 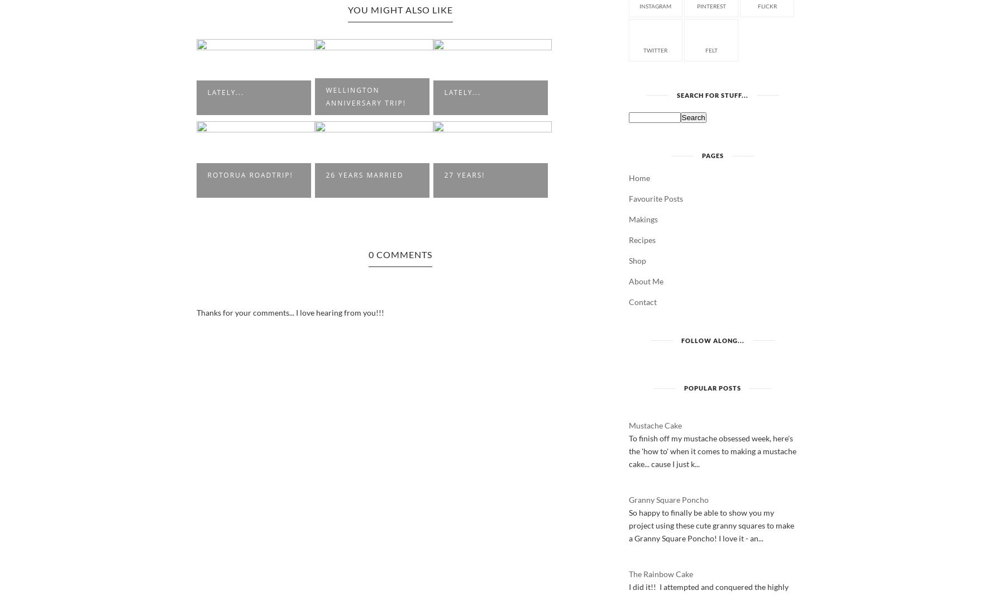 I want to click on 'flickr', so click(x=766, y=5).